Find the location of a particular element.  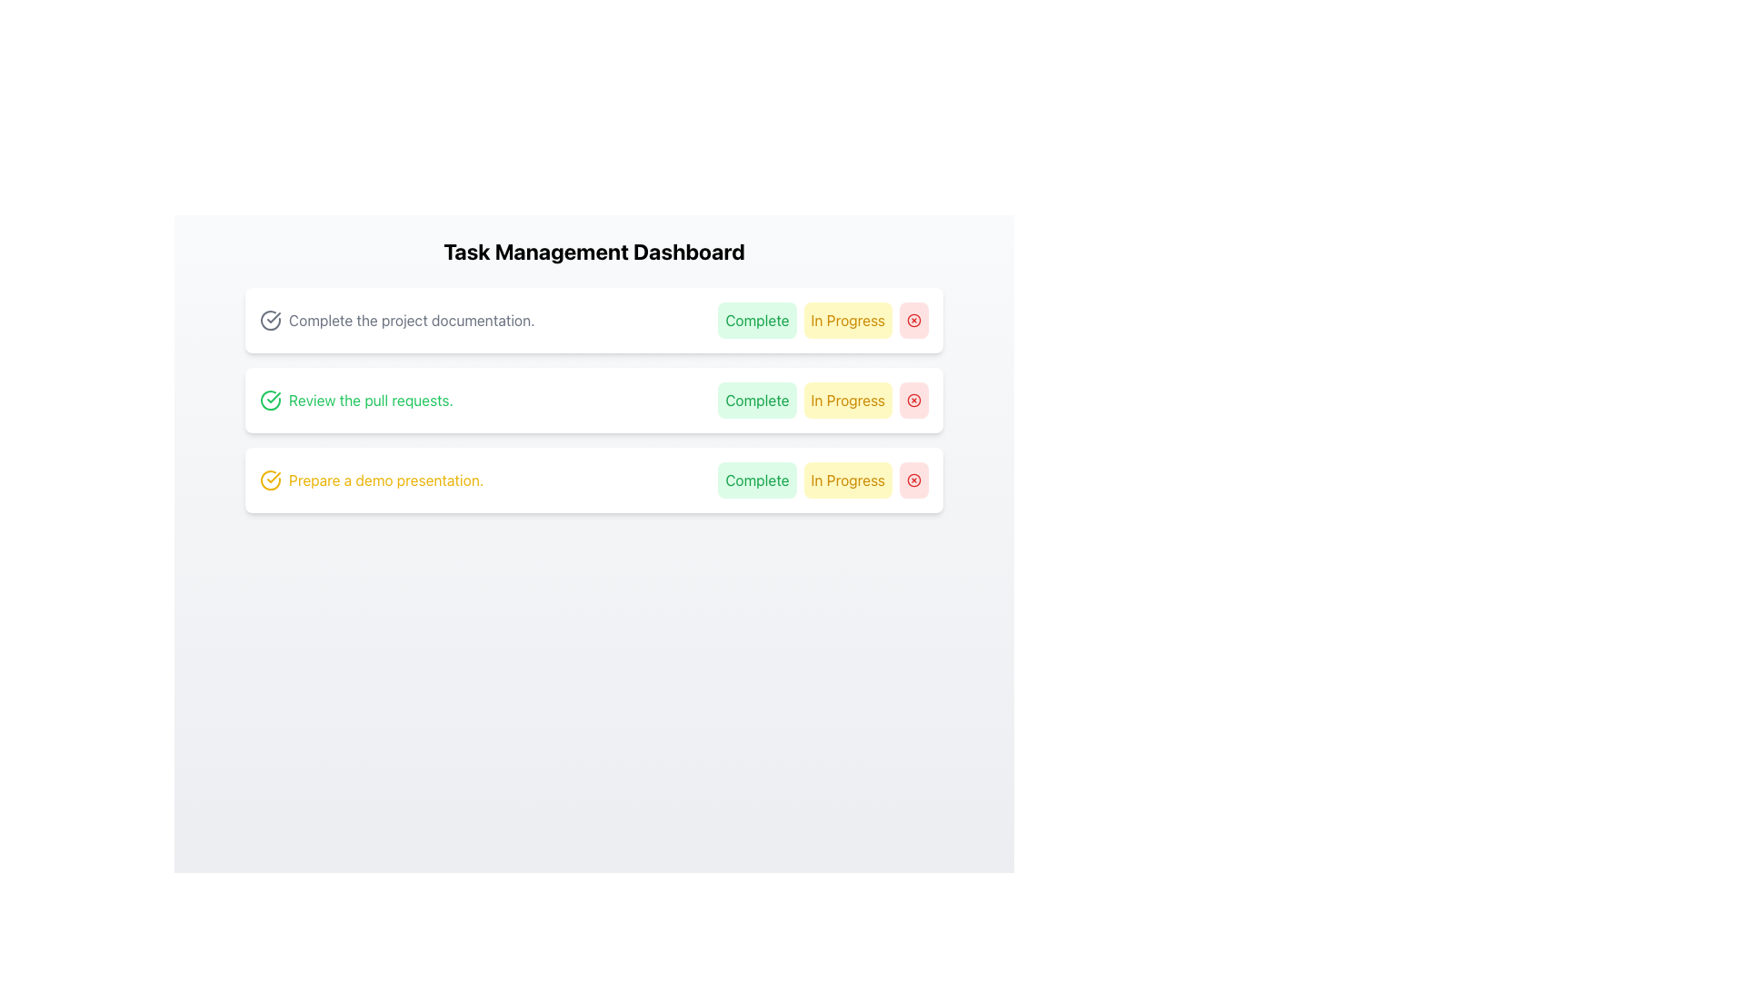

the graphic icon located to the far right of the second row in the task interface is located at coordinates (914, 399).